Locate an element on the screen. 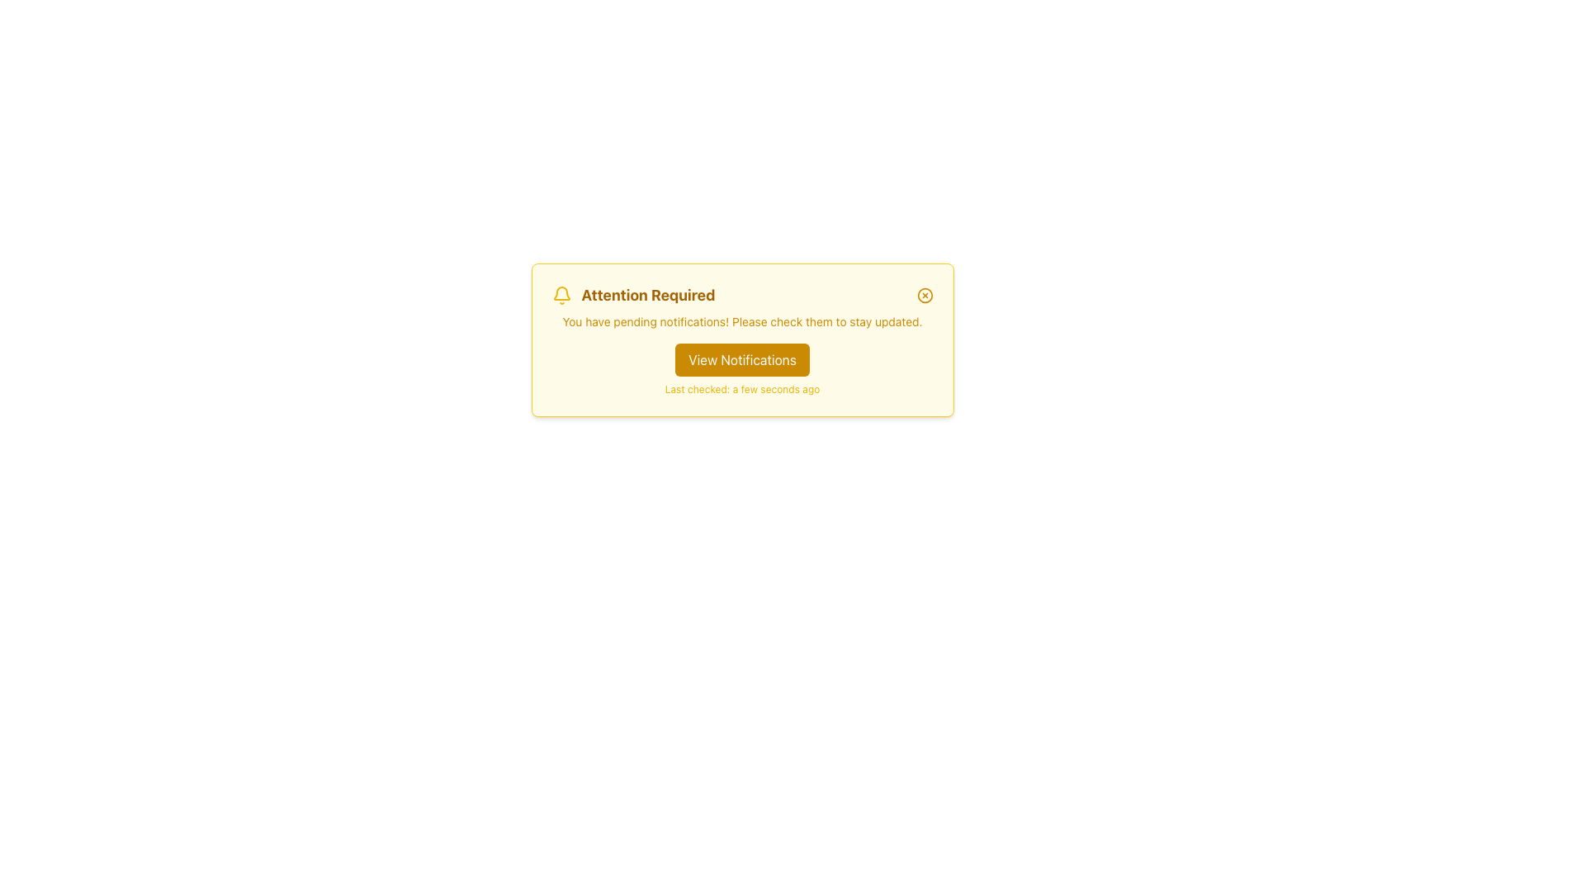  the circular close button with a yellow outline and 'X' shape at the center is located at coordinates (925, 295).